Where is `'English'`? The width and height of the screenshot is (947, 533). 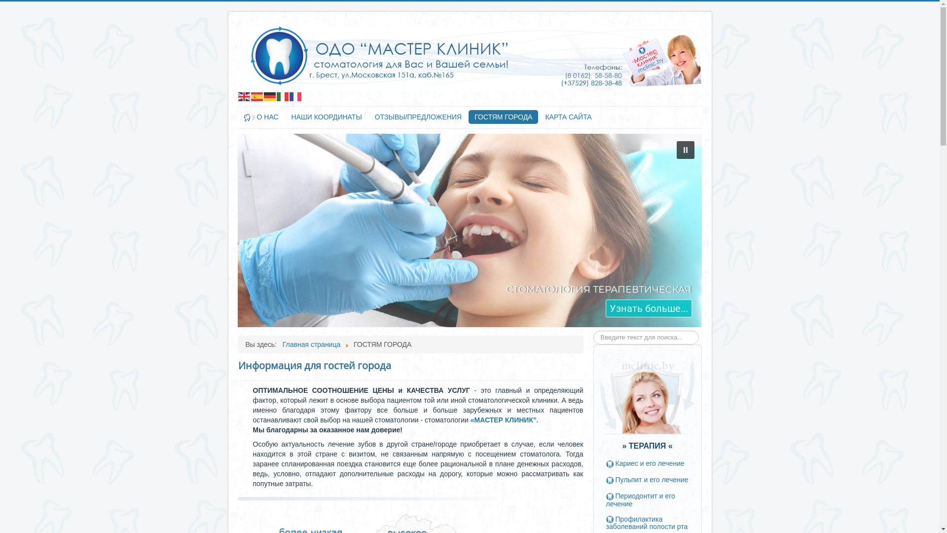 'English' is located at coordinates (244, 96).